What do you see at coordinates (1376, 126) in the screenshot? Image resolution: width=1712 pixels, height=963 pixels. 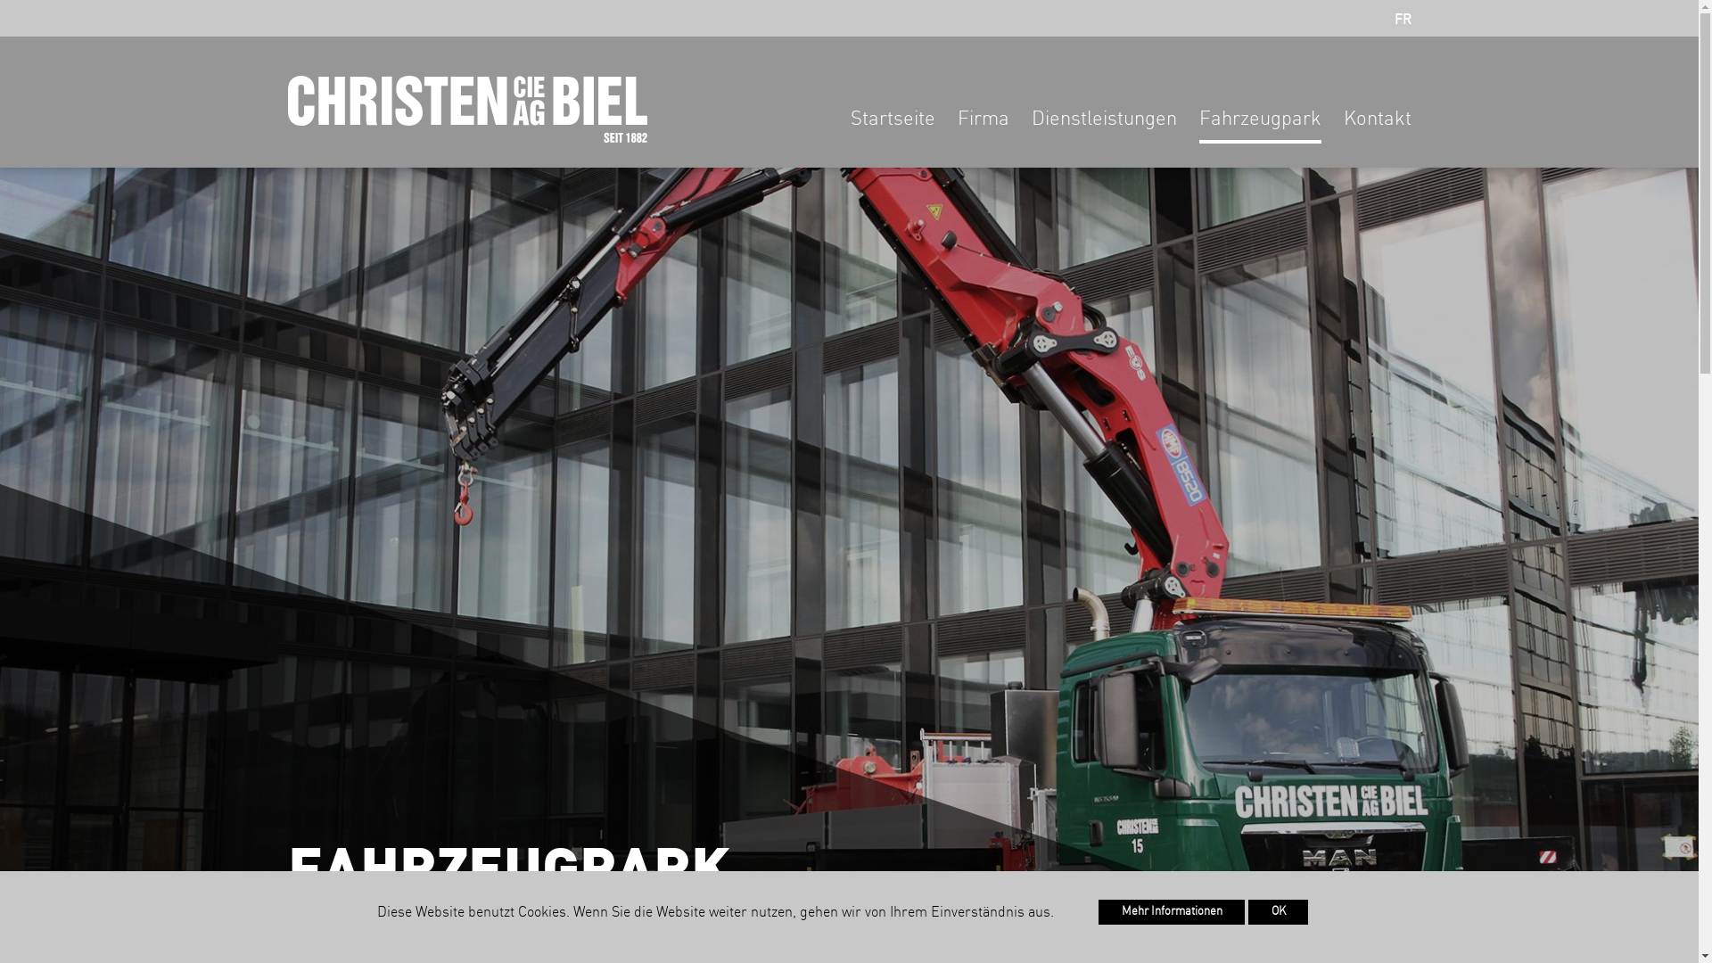 I see `'Kontakt'` at bounding box center [1376, 126].